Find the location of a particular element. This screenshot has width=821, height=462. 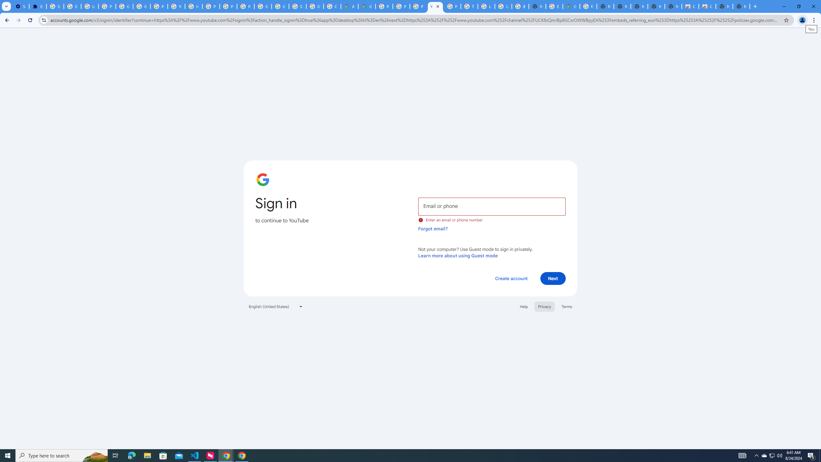

'Classic Blue - Chrome Web Store' is located at coordinates (690, 6).